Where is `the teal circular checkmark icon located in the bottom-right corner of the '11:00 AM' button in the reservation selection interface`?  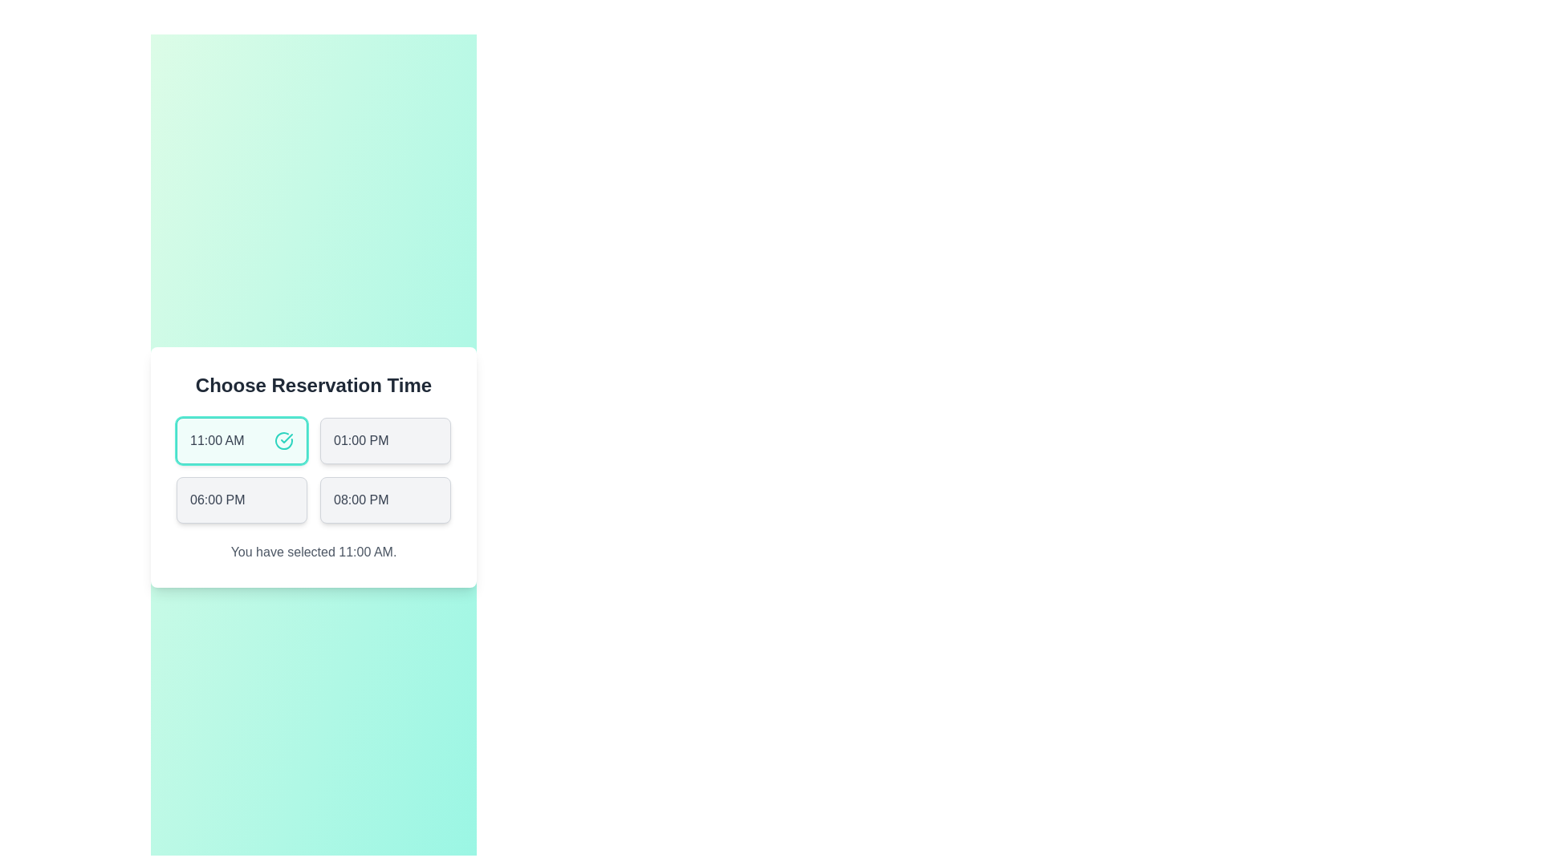 the teal circular checkmark icon located in the bottom-right corner of the '11:00 AM' button in the reservation selection interface is located at coordinates (284, 441).